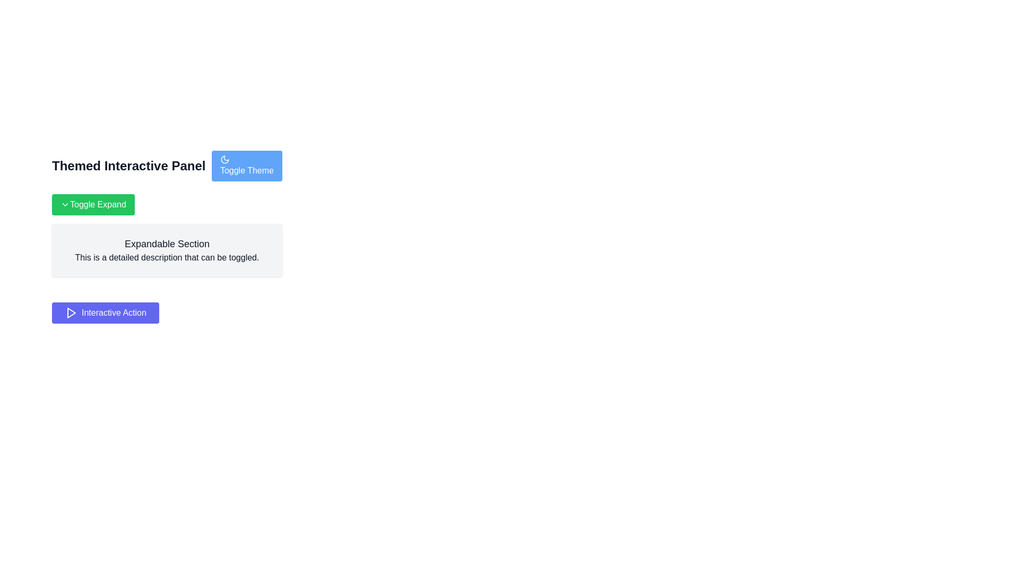 The width and height of the screenshot is (1019, 573). What do you see at coordinates (93, 204) in the screenshot?
I see `the green rectangular button labeled 'Toggle Expand' with a downward-pointing chevron icon` at bounding box center [93, 204].